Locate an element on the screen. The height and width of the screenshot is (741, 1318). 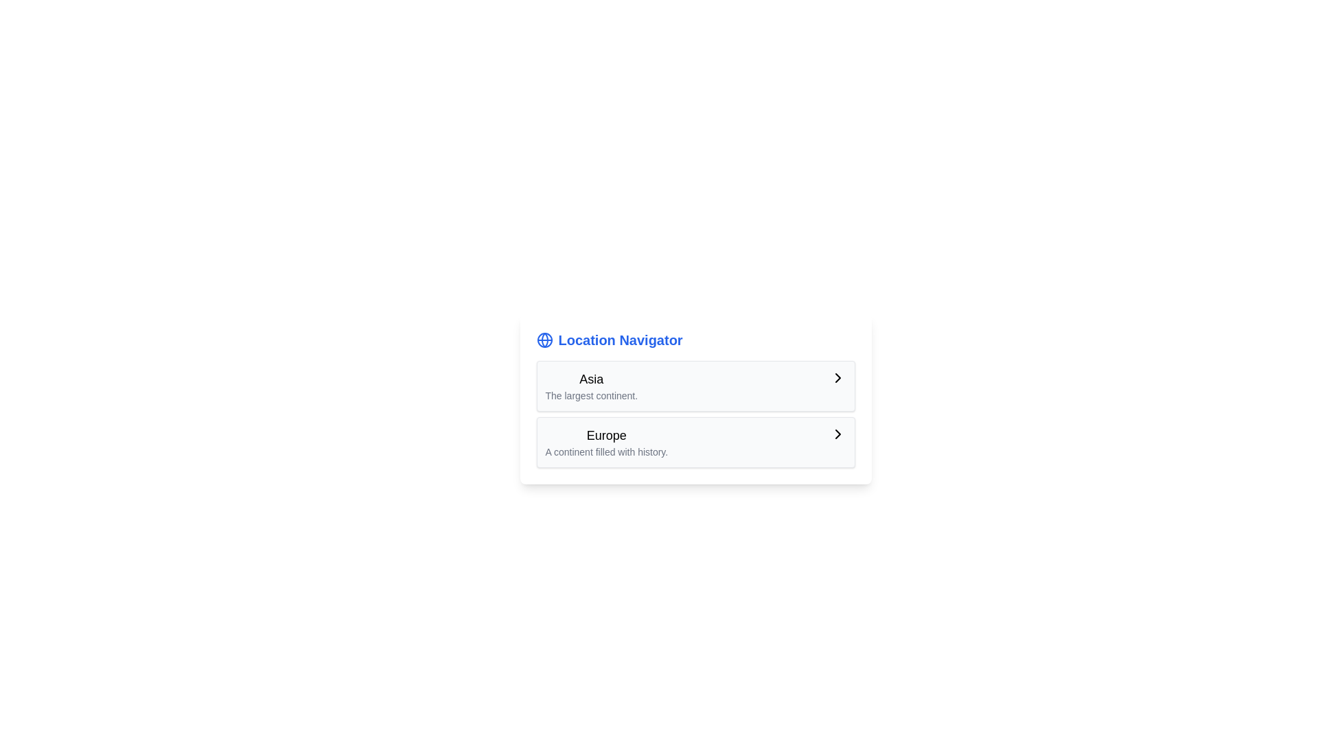
the first selectable list item titled 'Asia' with the subtitle 'The largest continent.' is located at coordinates (695, 386).